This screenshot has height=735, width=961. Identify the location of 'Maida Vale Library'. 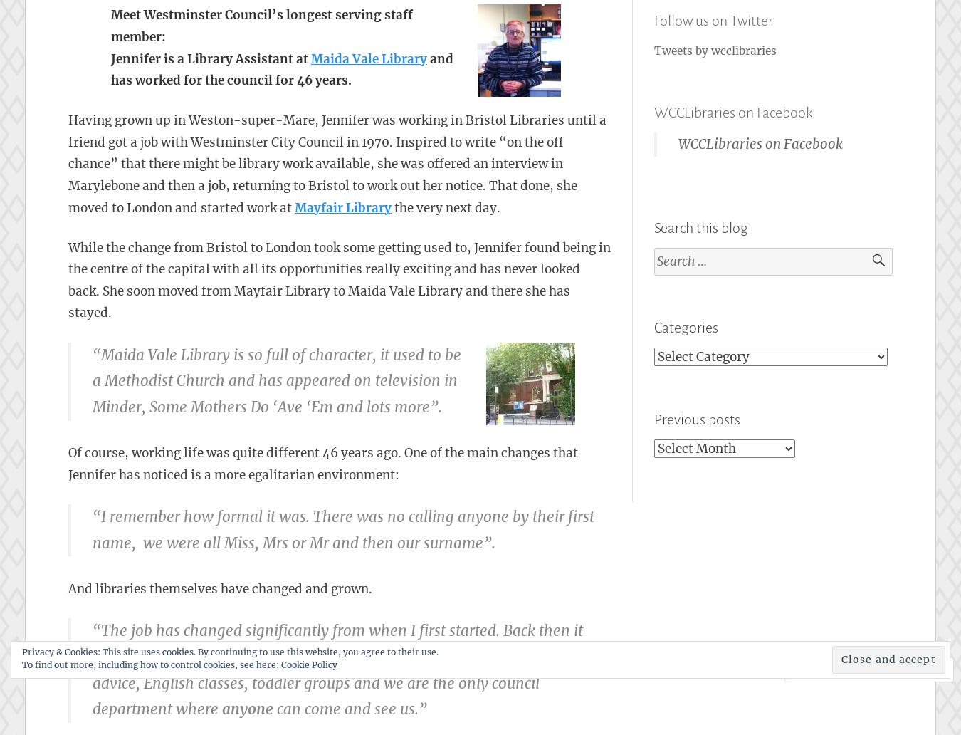
(368, 58).